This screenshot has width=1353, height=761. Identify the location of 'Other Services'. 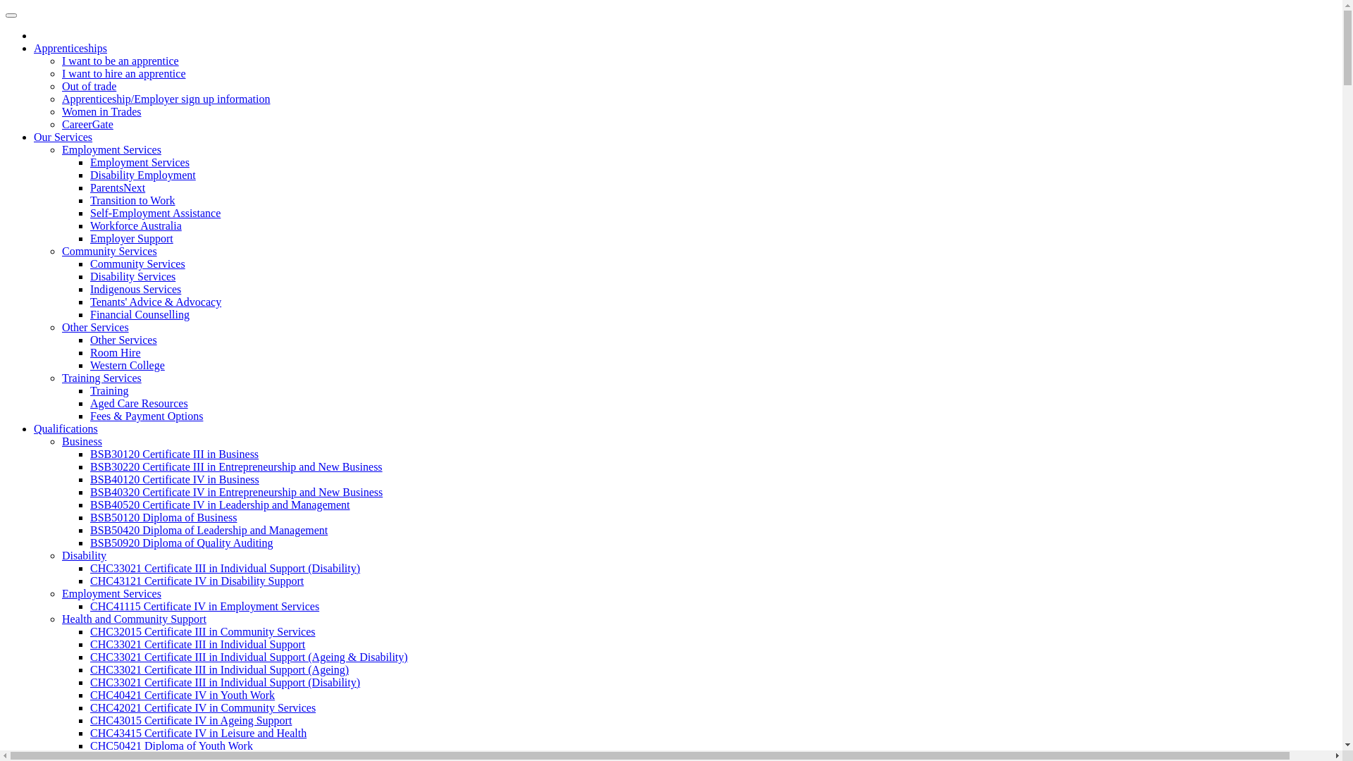
(123, 340).